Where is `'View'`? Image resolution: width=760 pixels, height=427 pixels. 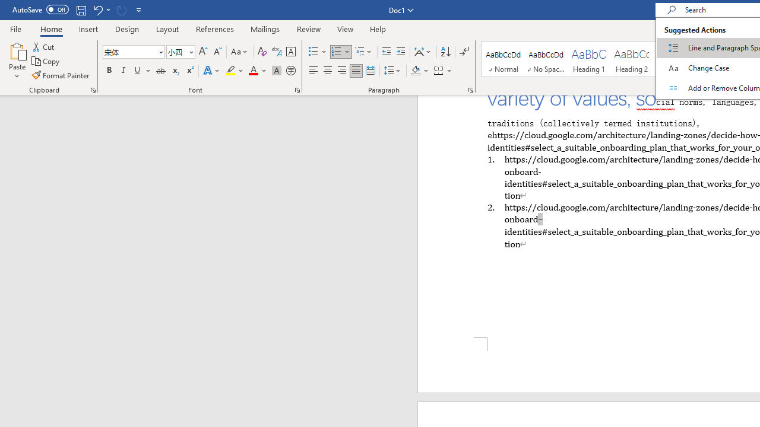 'View' is located at coordinates (345, 28).